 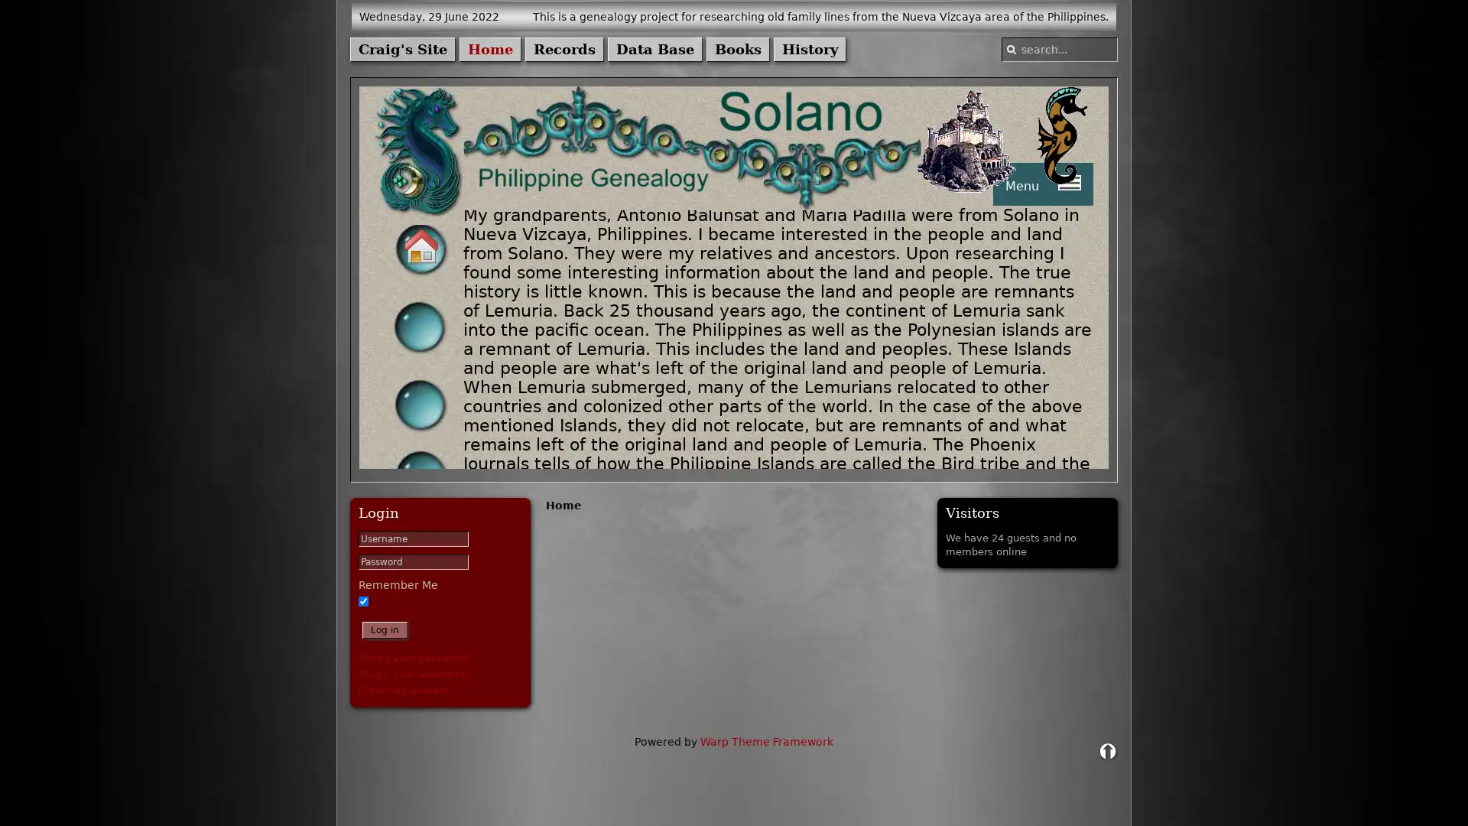 I want to click on Log in, so click(x=385, y=630).